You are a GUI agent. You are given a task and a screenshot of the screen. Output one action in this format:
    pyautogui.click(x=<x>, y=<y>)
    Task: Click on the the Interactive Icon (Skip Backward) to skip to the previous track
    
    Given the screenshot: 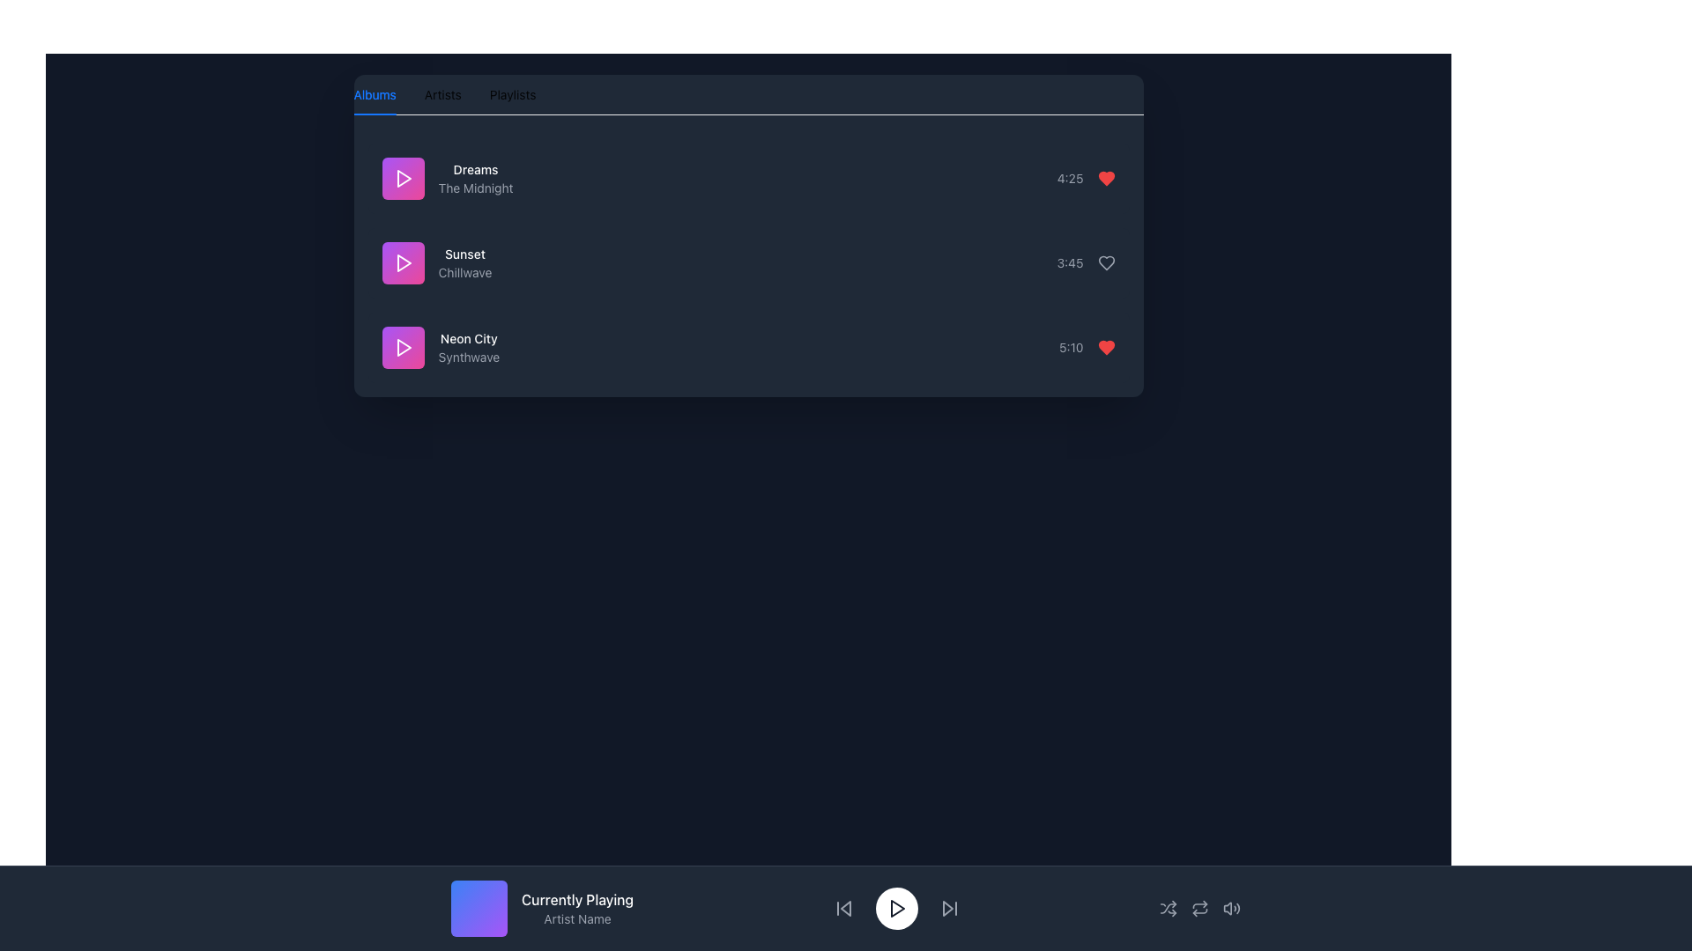 What is the action you would take?
    pyautogui.click(x=842, y=909)
    